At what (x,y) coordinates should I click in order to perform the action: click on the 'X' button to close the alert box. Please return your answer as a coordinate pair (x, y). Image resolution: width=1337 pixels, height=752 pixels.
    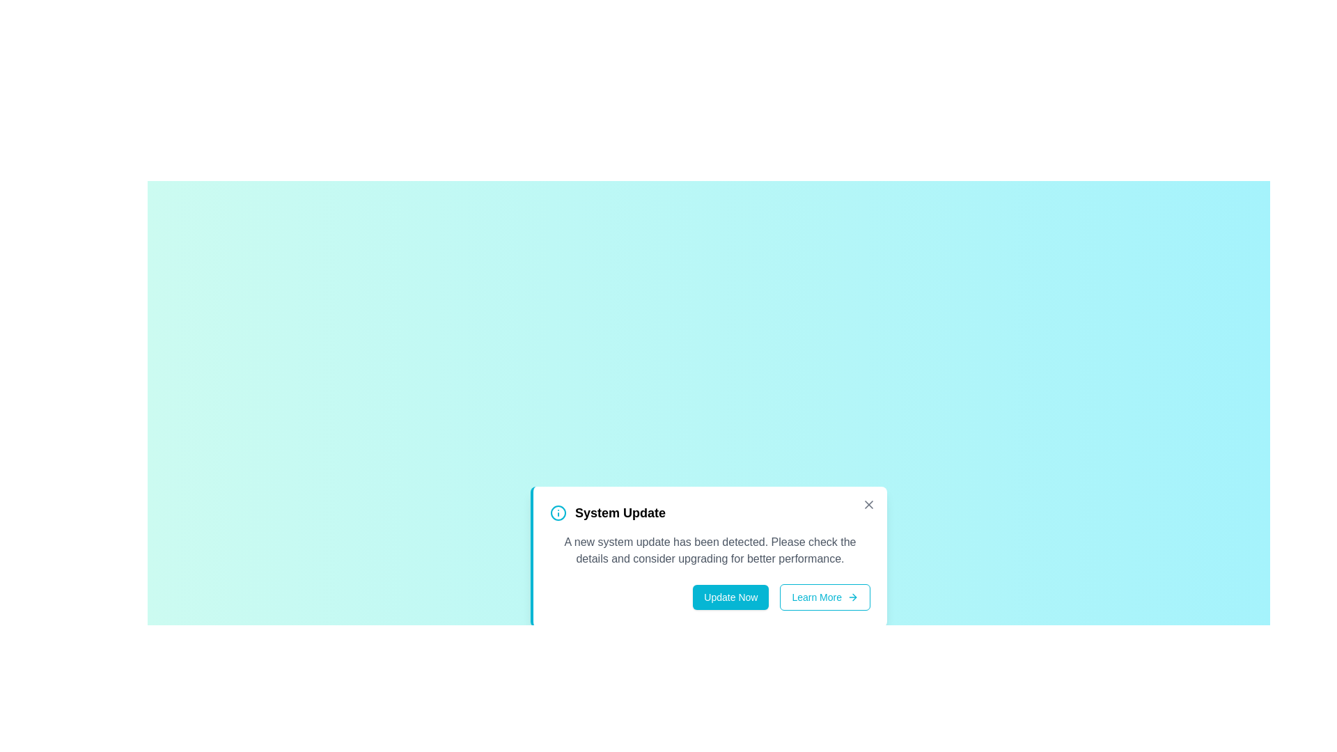
    Looking at the image, I should click on (868, 505).